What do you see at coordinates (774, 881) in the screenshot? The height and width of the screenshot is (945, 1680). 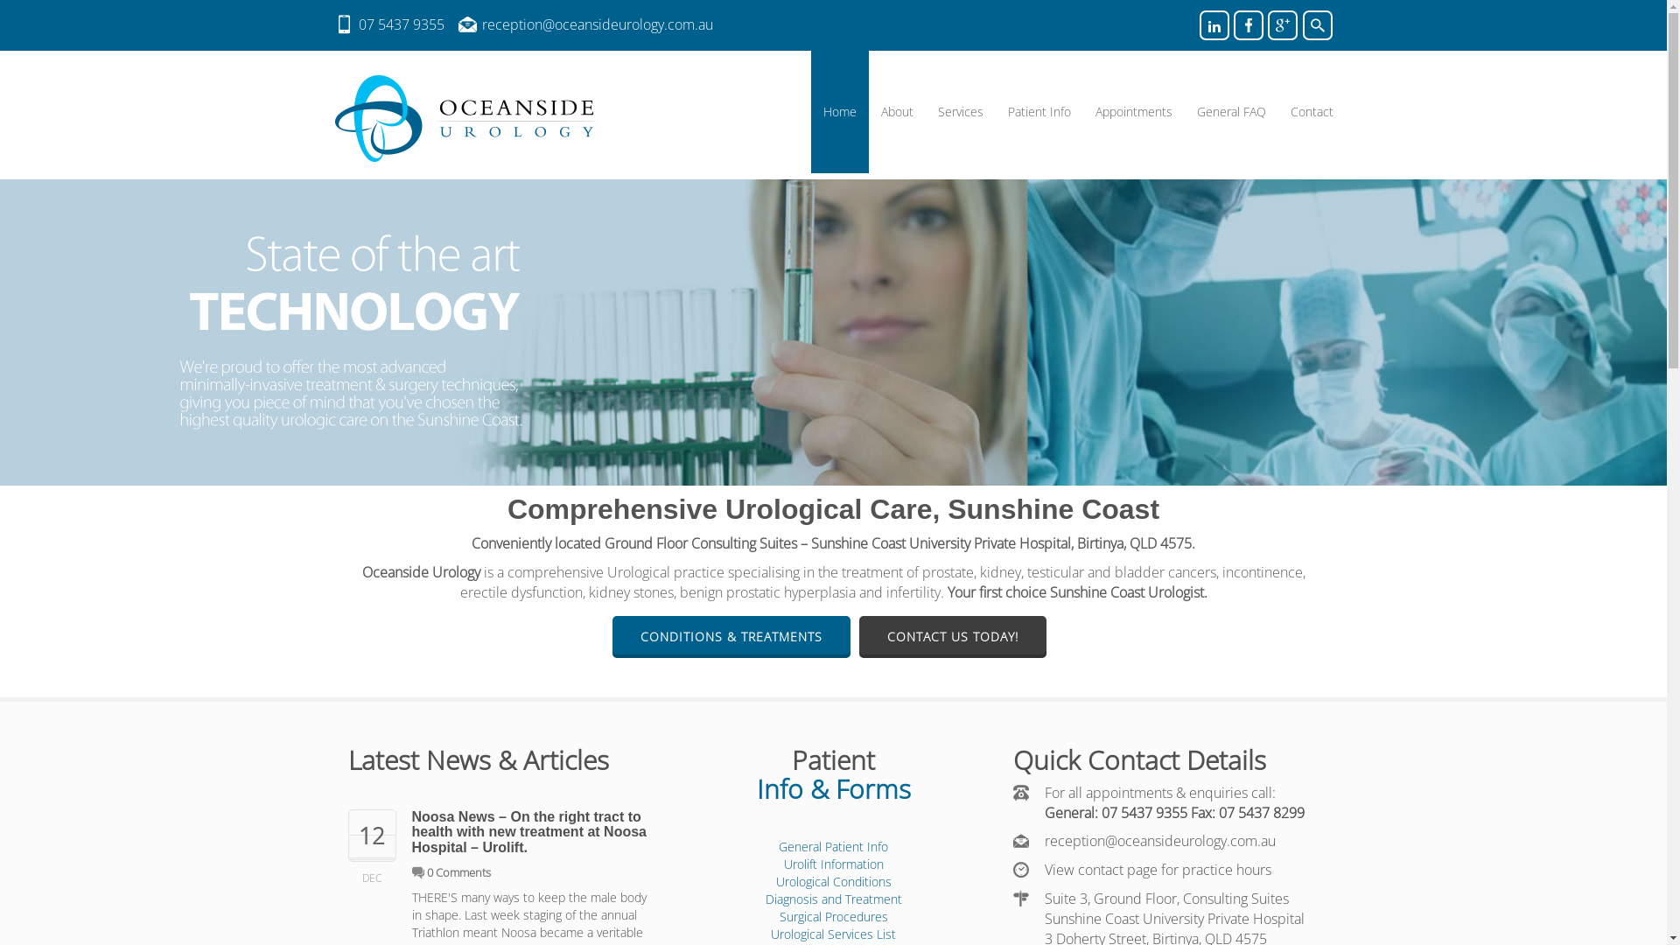 I see `'Urological Conditions'` at bounding box center [774, 881].